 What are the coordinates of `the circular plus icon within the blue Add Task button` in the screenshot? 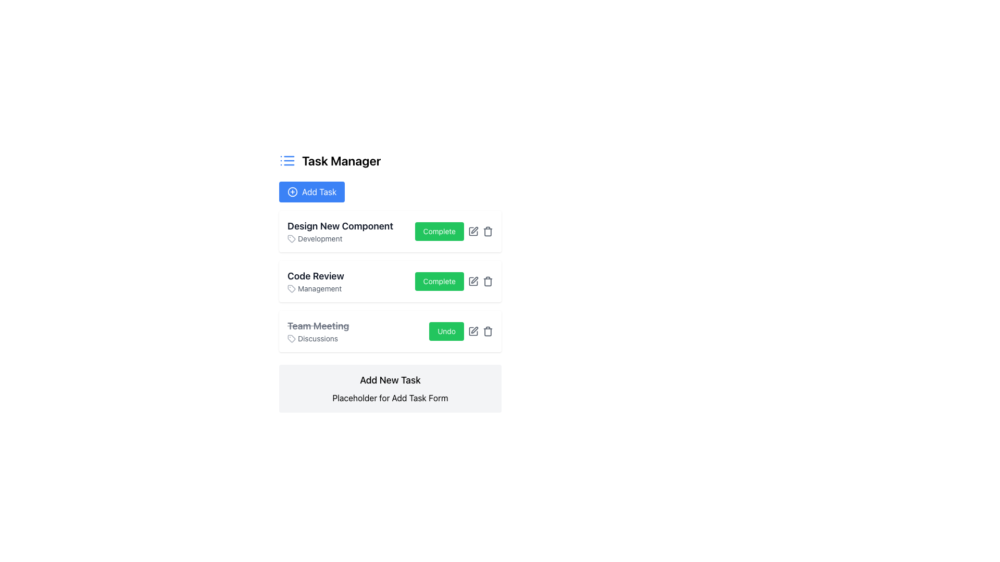 It's located at (292, 192).